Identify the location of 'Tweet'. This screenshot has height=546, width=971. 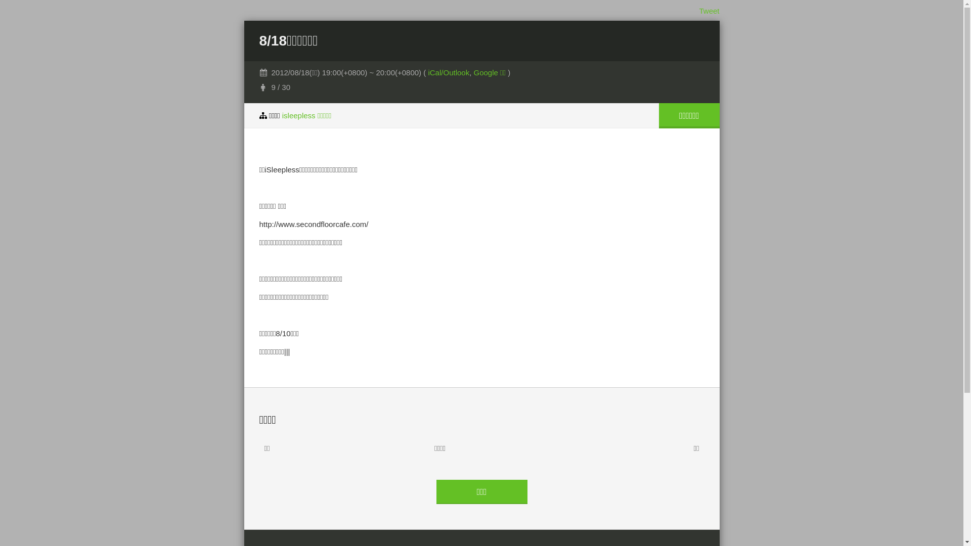
(708, 11).